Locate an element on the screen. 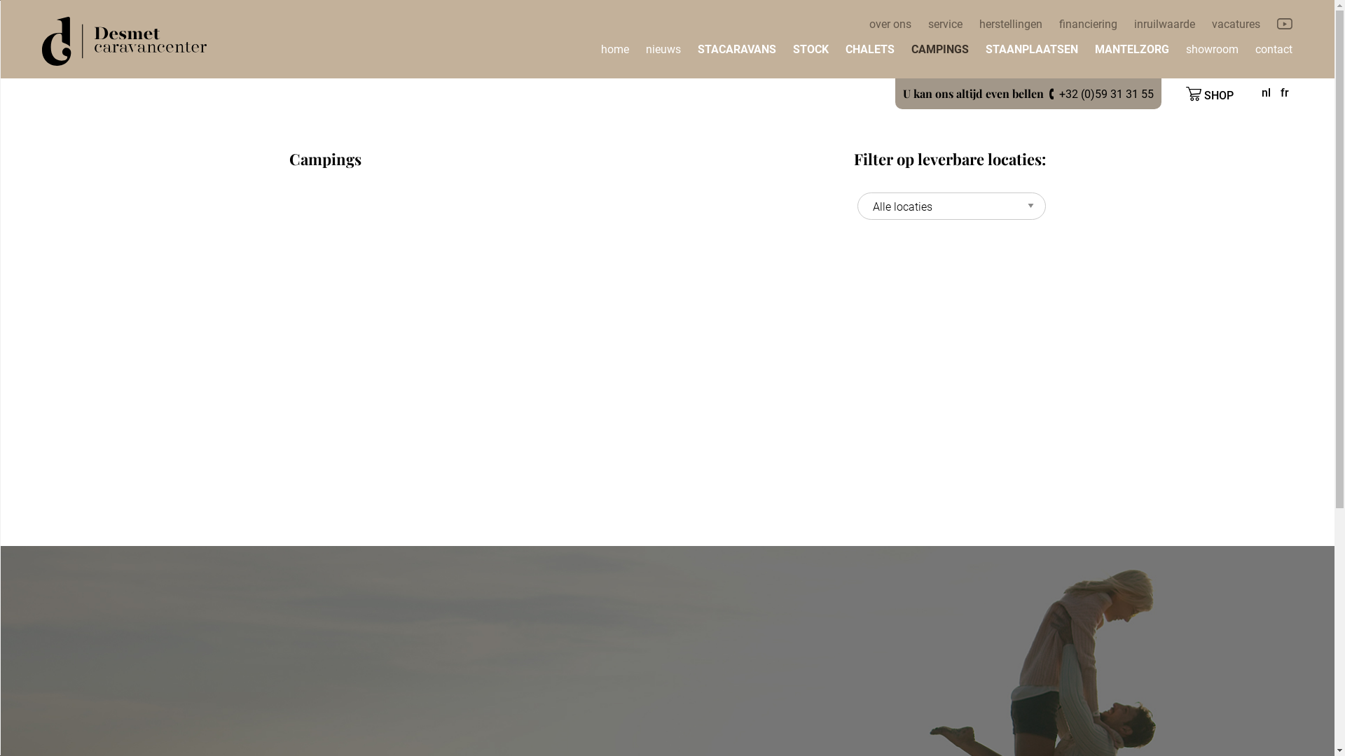 The width and height of the screenshot is (1345, 756). 'CAMPINGS' is located at coordinates (940, 48).